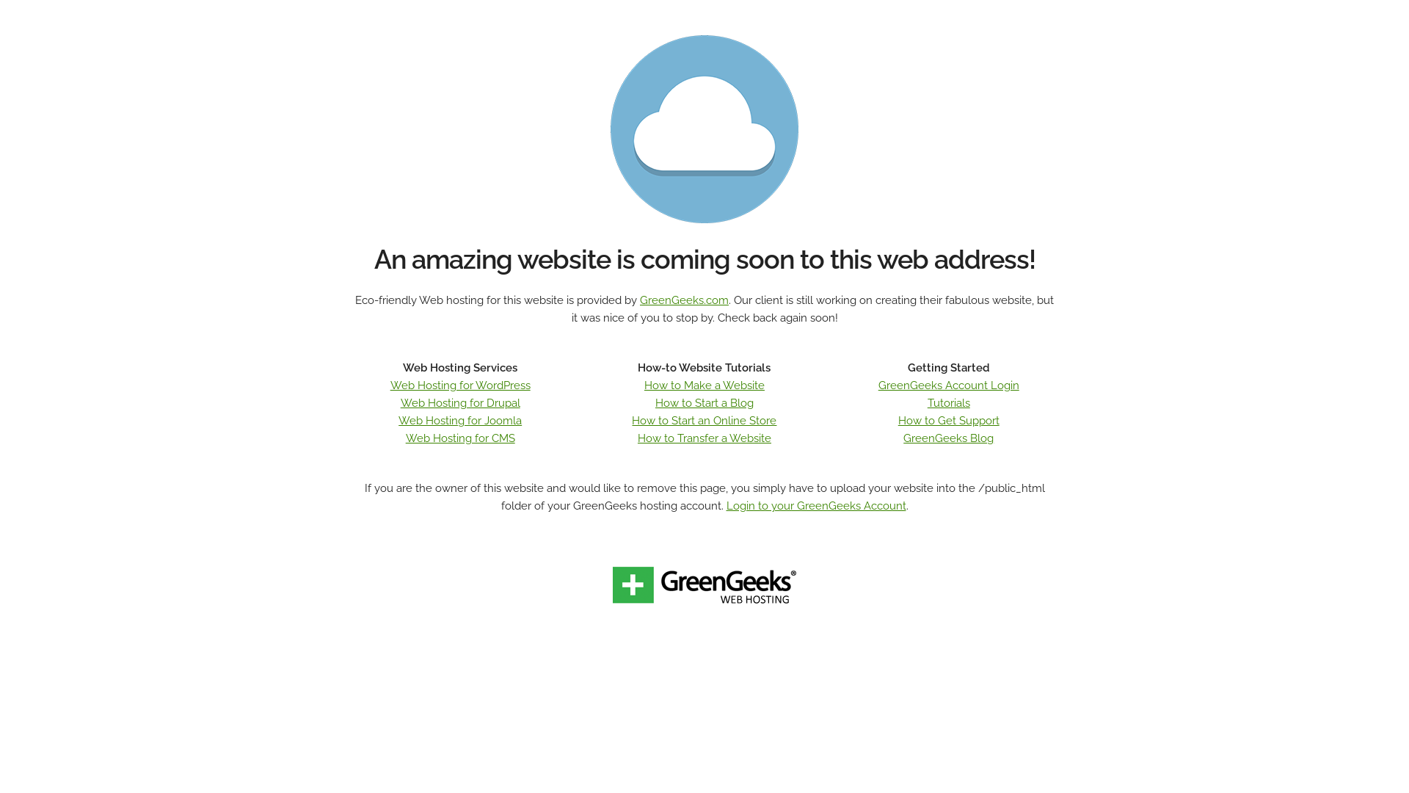 The height and width of the screenshot is (793, 1409). What do you see at coordinates (459, 384) in the screenshot?
I see `'Web Hosting for WordPress'` at bounding box center [459, 384].